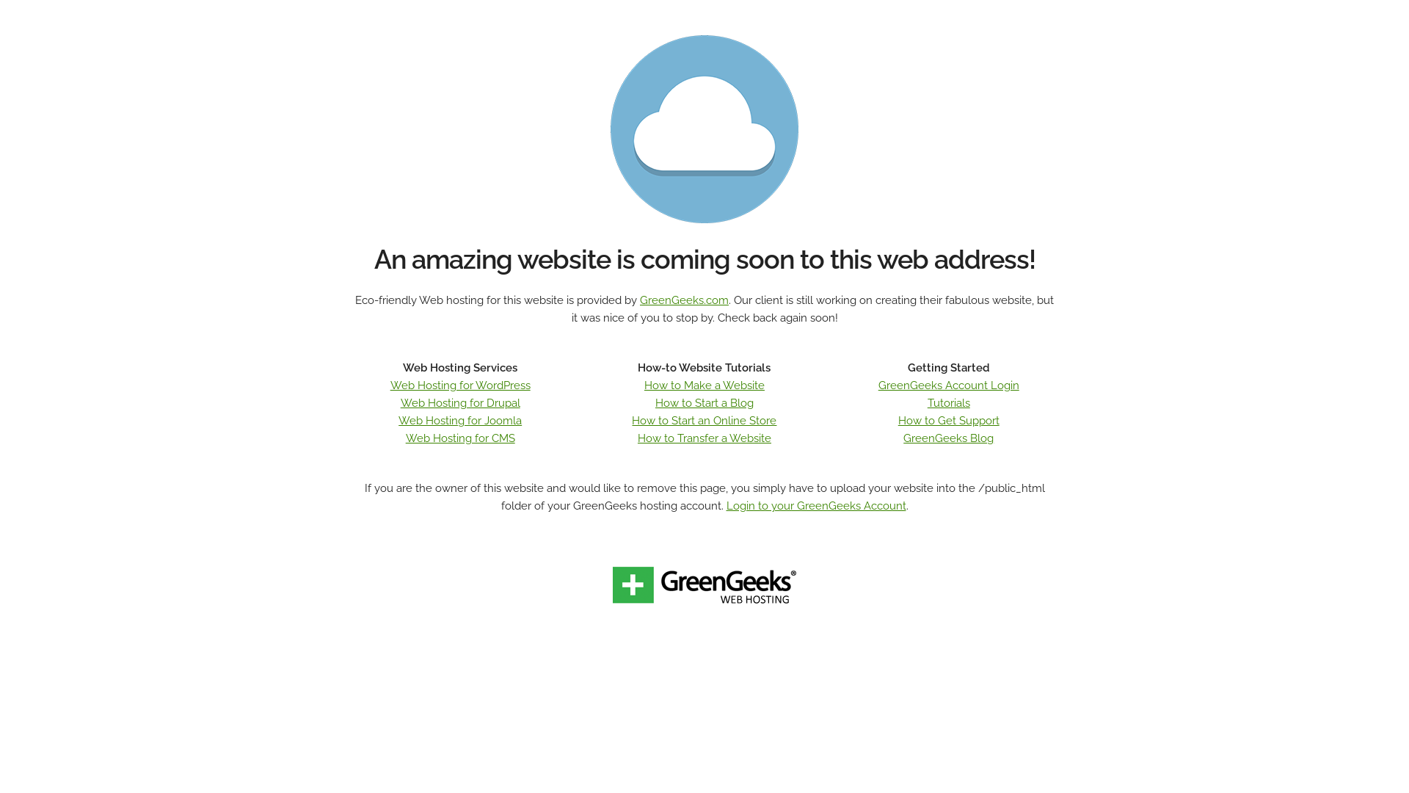 The height and width of the screenshot is (793, 1409). What do you see at coordinates (459, 384) in the screenshot?
I see `'Web Hosting for WordPress'` at bounding box center [459, 384].